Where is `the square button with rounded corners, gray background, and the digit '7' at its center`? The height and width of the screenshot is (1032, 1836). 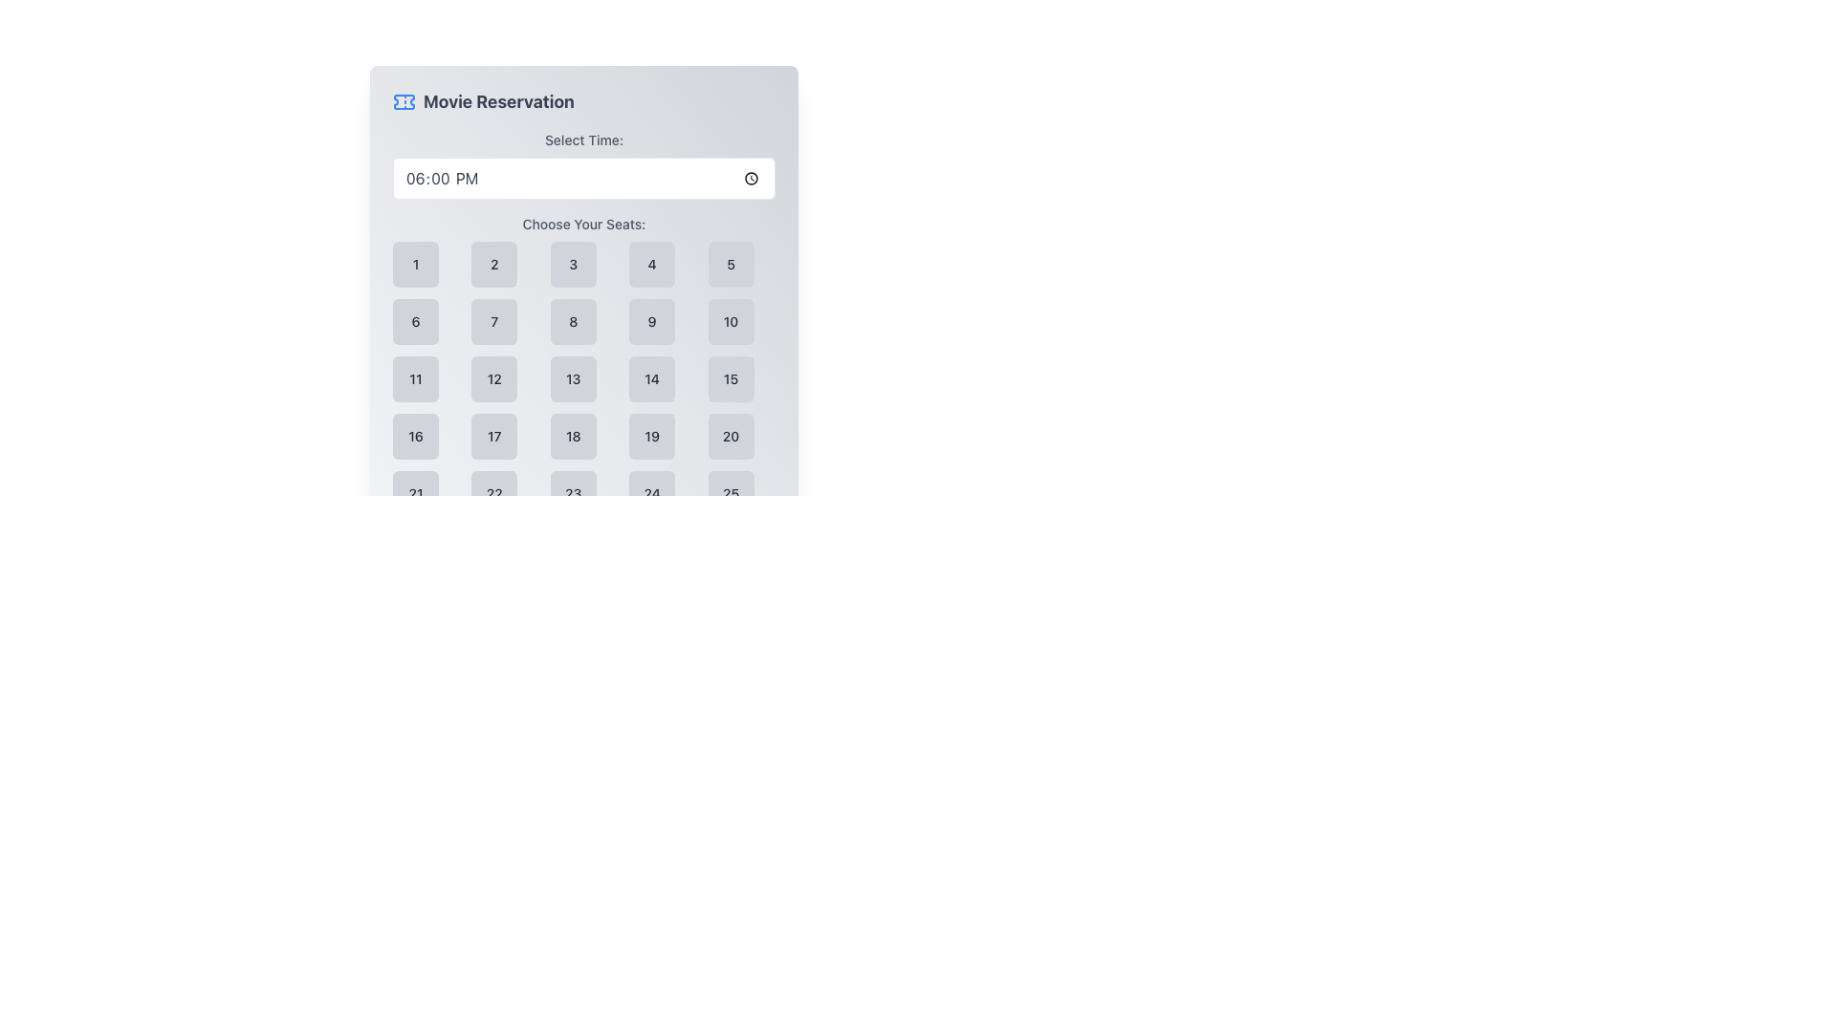 the square button with rounded corners, gray background, and the digit '7' at its center is located at coordinates (494, 320).